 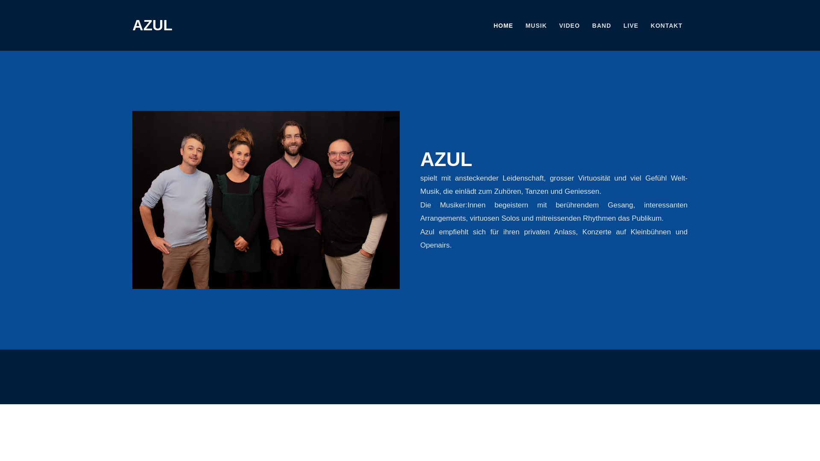 I want to click on 'LIVE', so click(x=631, y=25).